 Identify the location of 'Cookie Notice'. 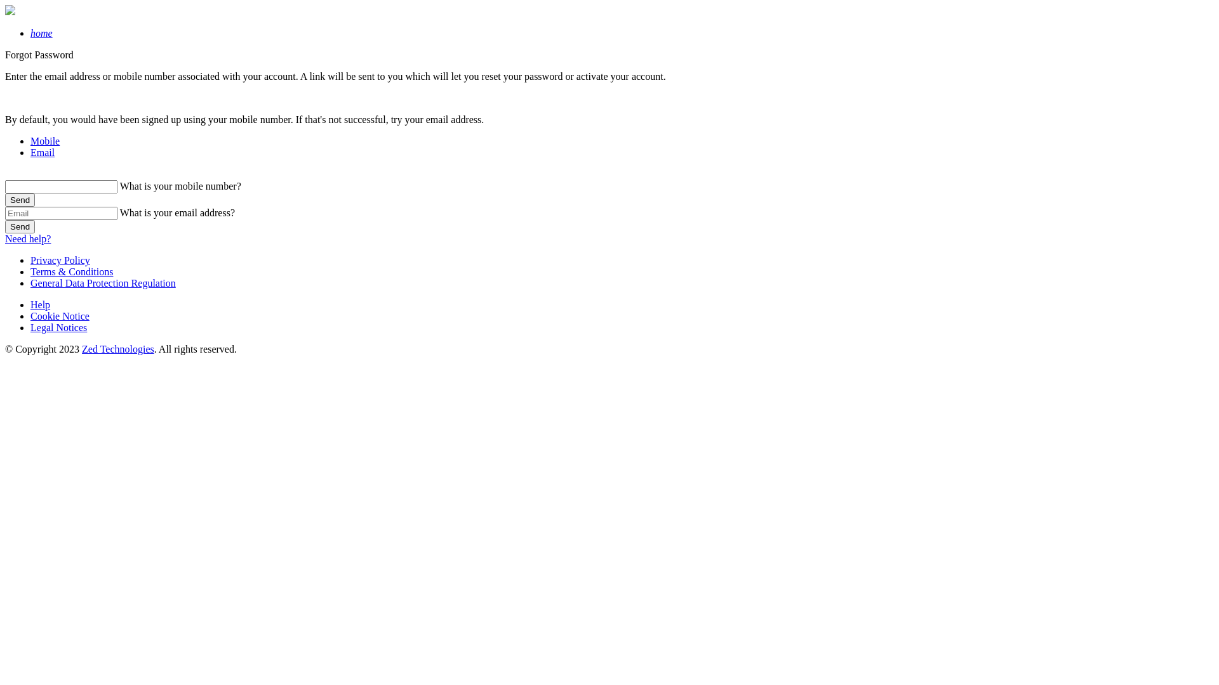
(59, 315).